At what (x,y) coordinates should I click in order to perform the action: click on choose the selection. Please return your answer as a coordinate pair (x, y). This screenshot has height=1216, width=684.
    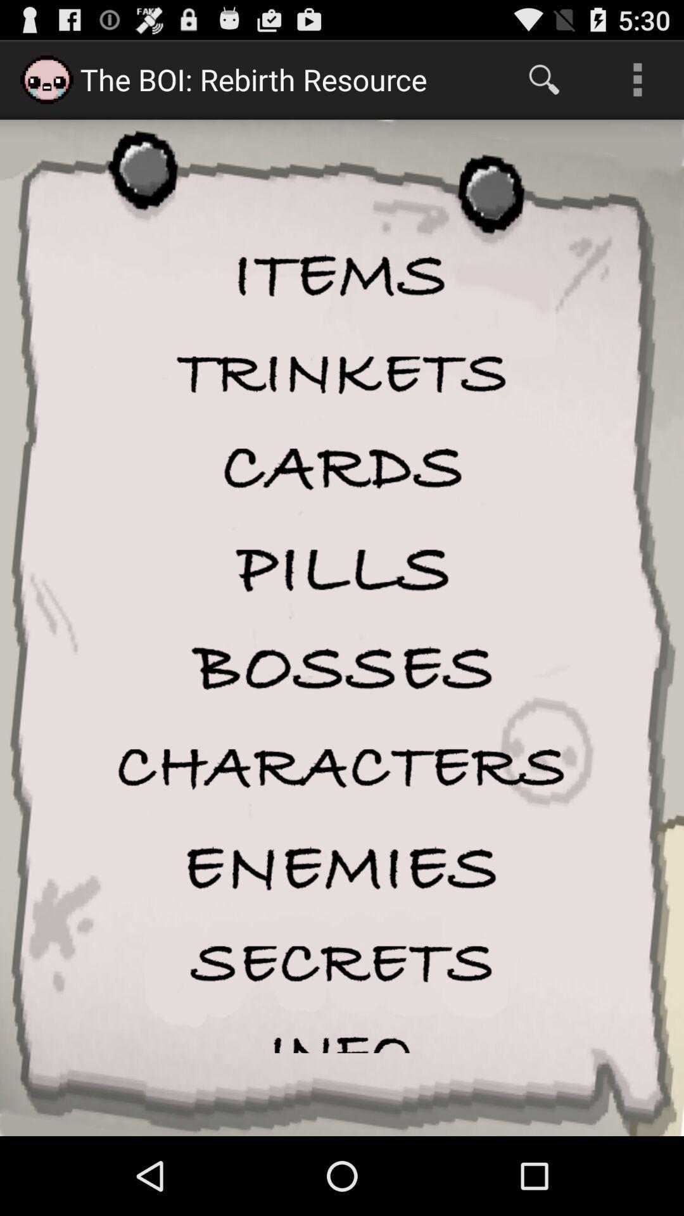
    Looking at the image, I should click on (342, 468).